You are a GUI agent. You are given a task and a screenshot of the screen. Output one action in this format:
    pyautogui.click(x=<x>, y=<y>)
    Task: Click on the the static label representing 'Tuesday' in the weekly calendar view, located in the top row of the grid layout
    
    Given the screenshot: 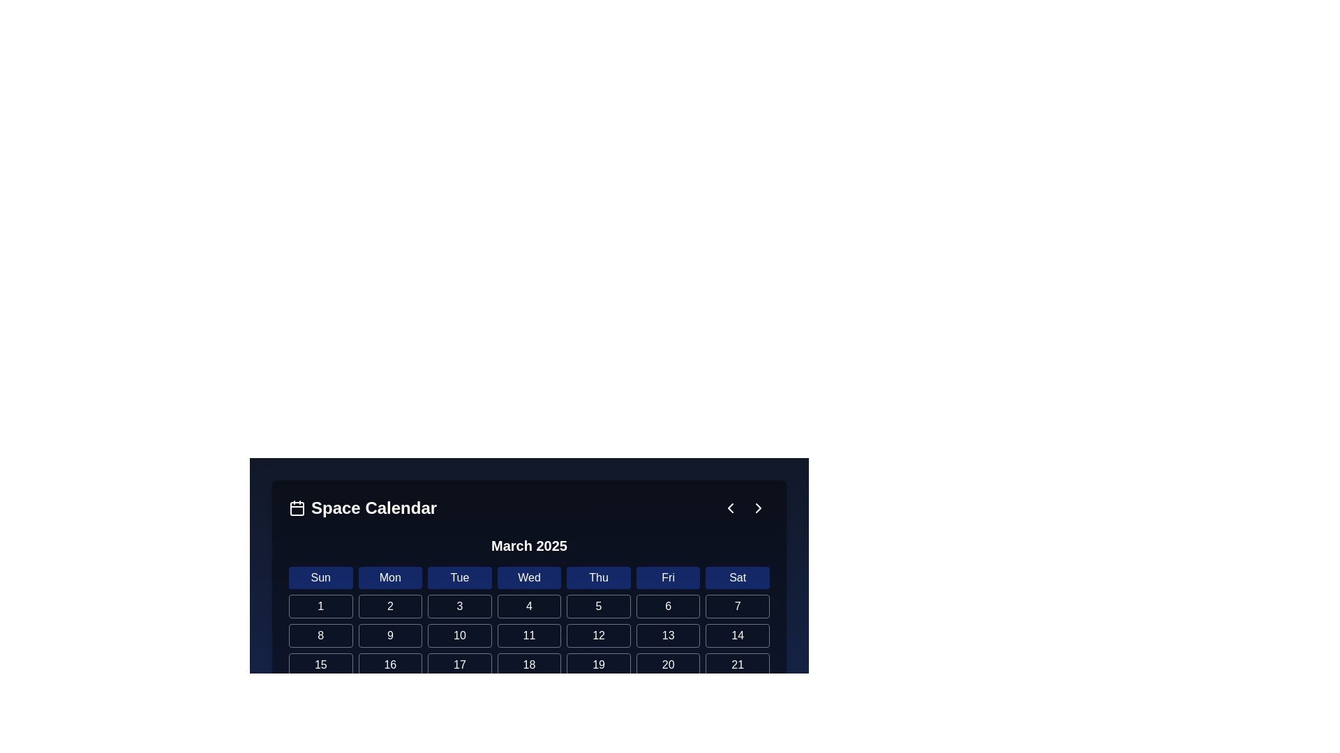 What is the action you would take?
    pyautogui.click(x=459, y=578)
    